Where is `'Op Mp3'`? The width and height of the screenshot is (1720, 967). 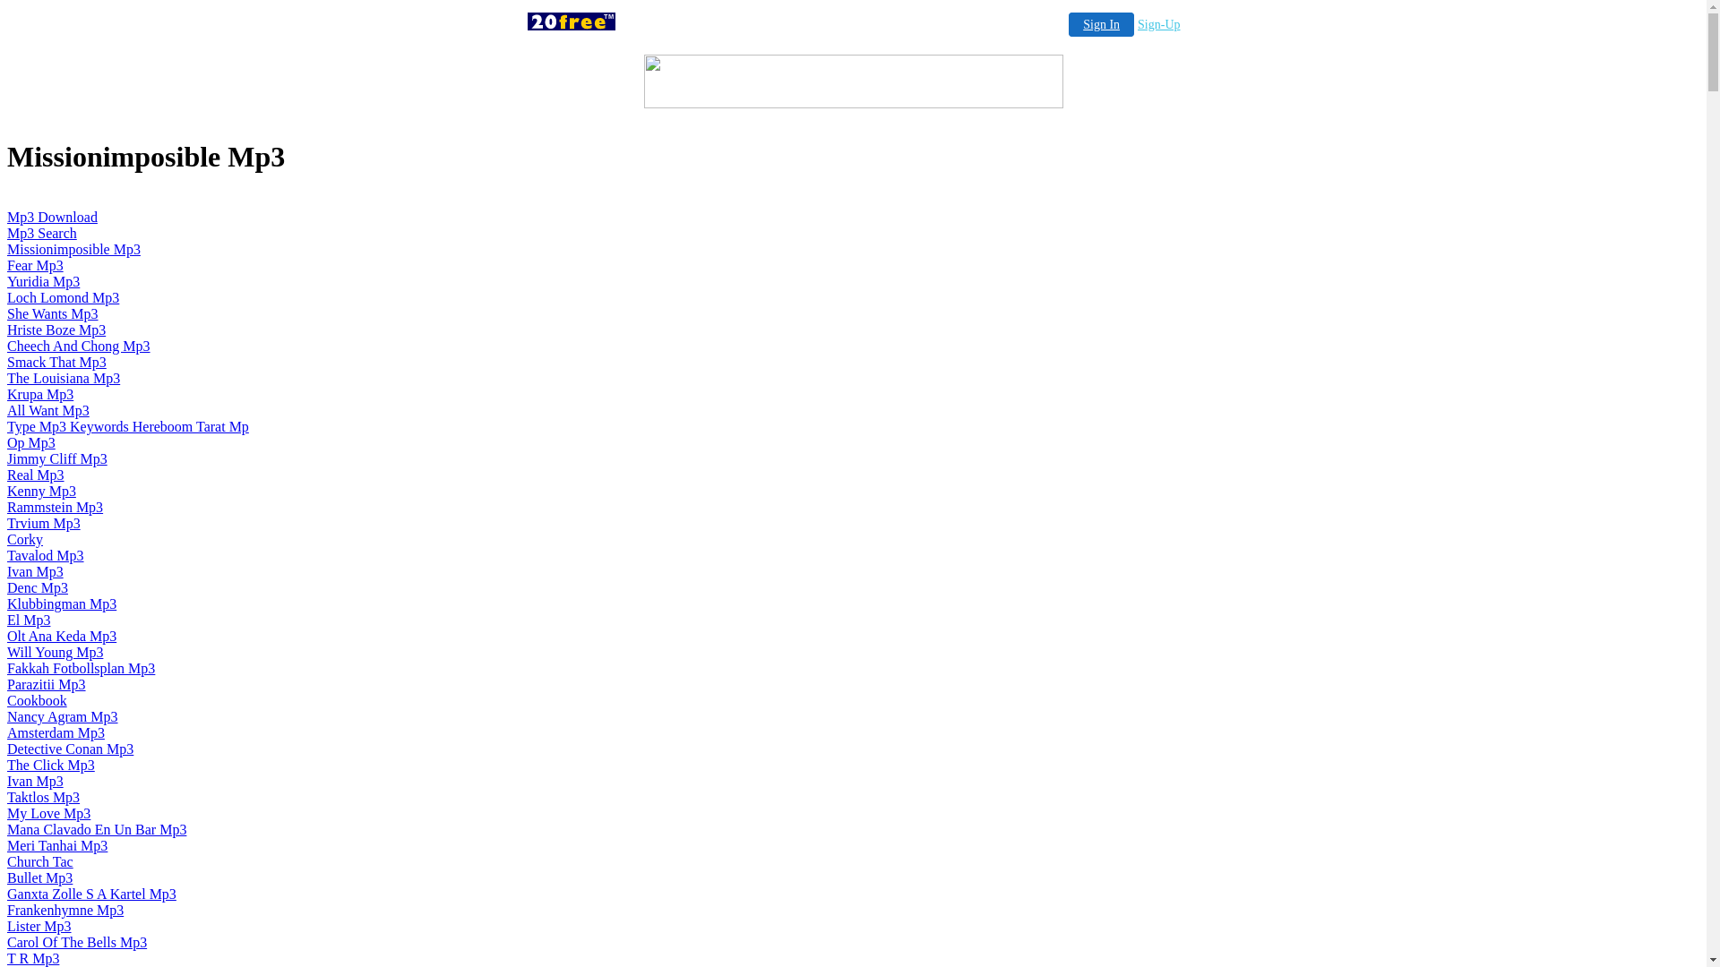 'Op Mp3' is located at coordinates (7, 442).